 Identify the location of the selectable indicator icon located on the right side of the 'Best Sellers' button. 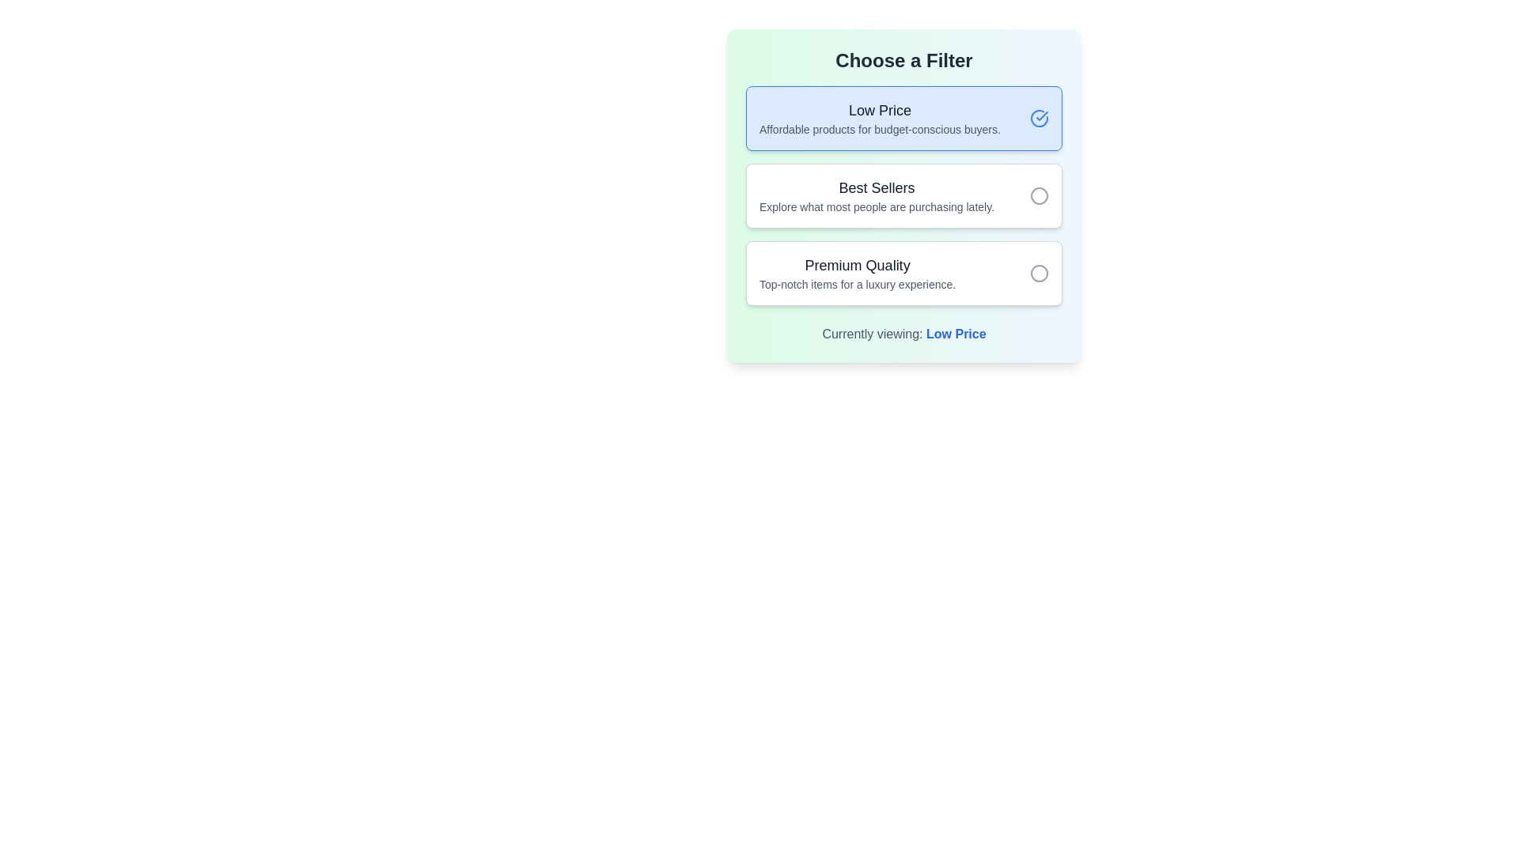
(1040, 195).